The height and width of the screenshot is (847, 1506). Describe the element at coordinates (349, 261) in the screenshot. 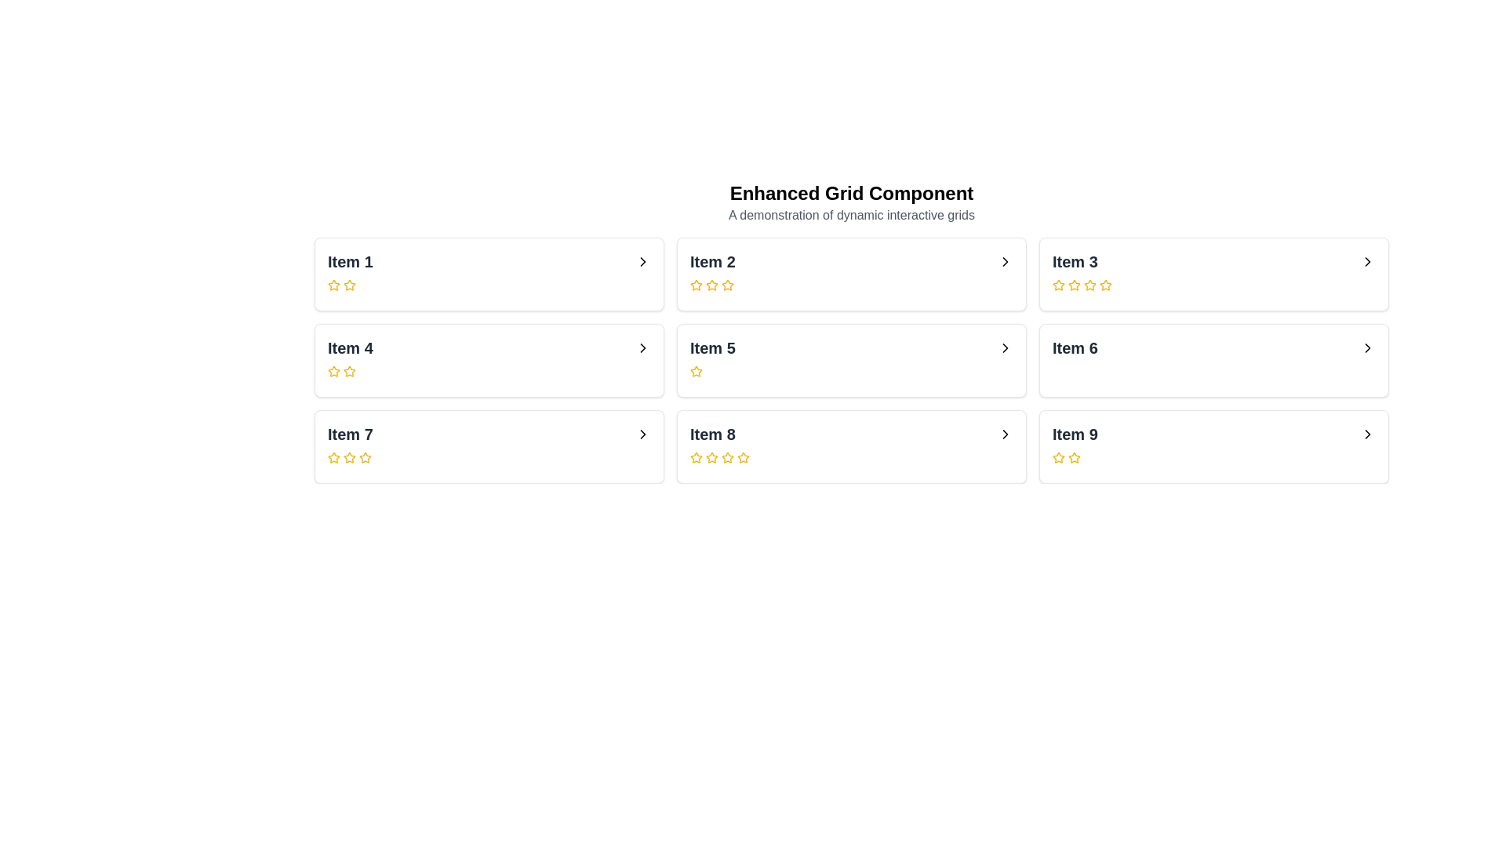

I see `text label that serves as the title for the first item in the grid, located at the top-left section of the first grid row and column` at that location.